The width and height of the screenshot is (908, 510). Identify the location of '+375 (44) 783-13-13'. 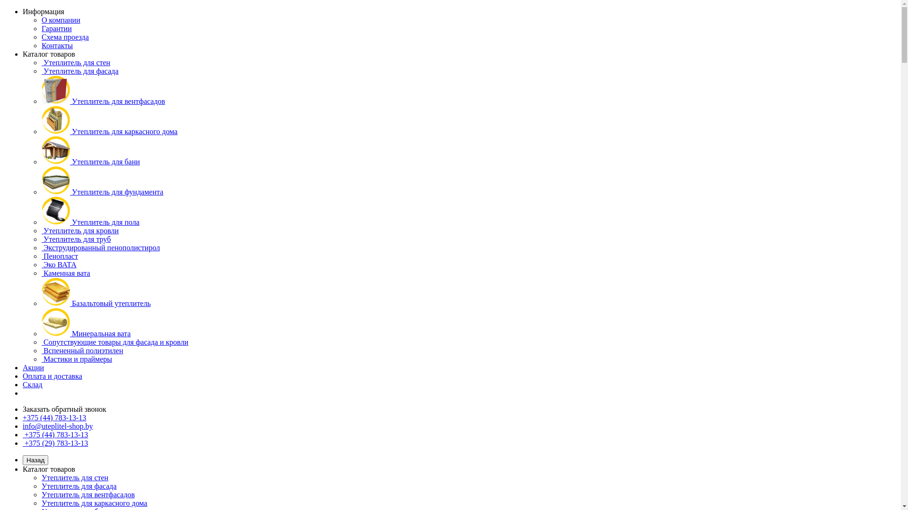
(23, 434).